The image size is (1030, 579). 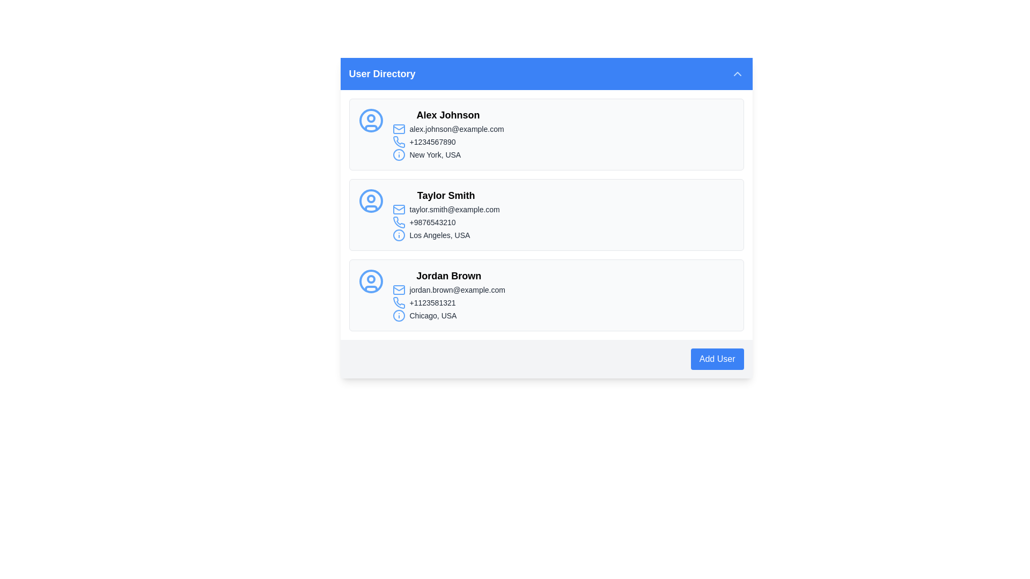 I want to click on the phone icon with a blue outline located next to the phone number '+1234567890' in the first user's section of the list, so click(x=398, y=141).